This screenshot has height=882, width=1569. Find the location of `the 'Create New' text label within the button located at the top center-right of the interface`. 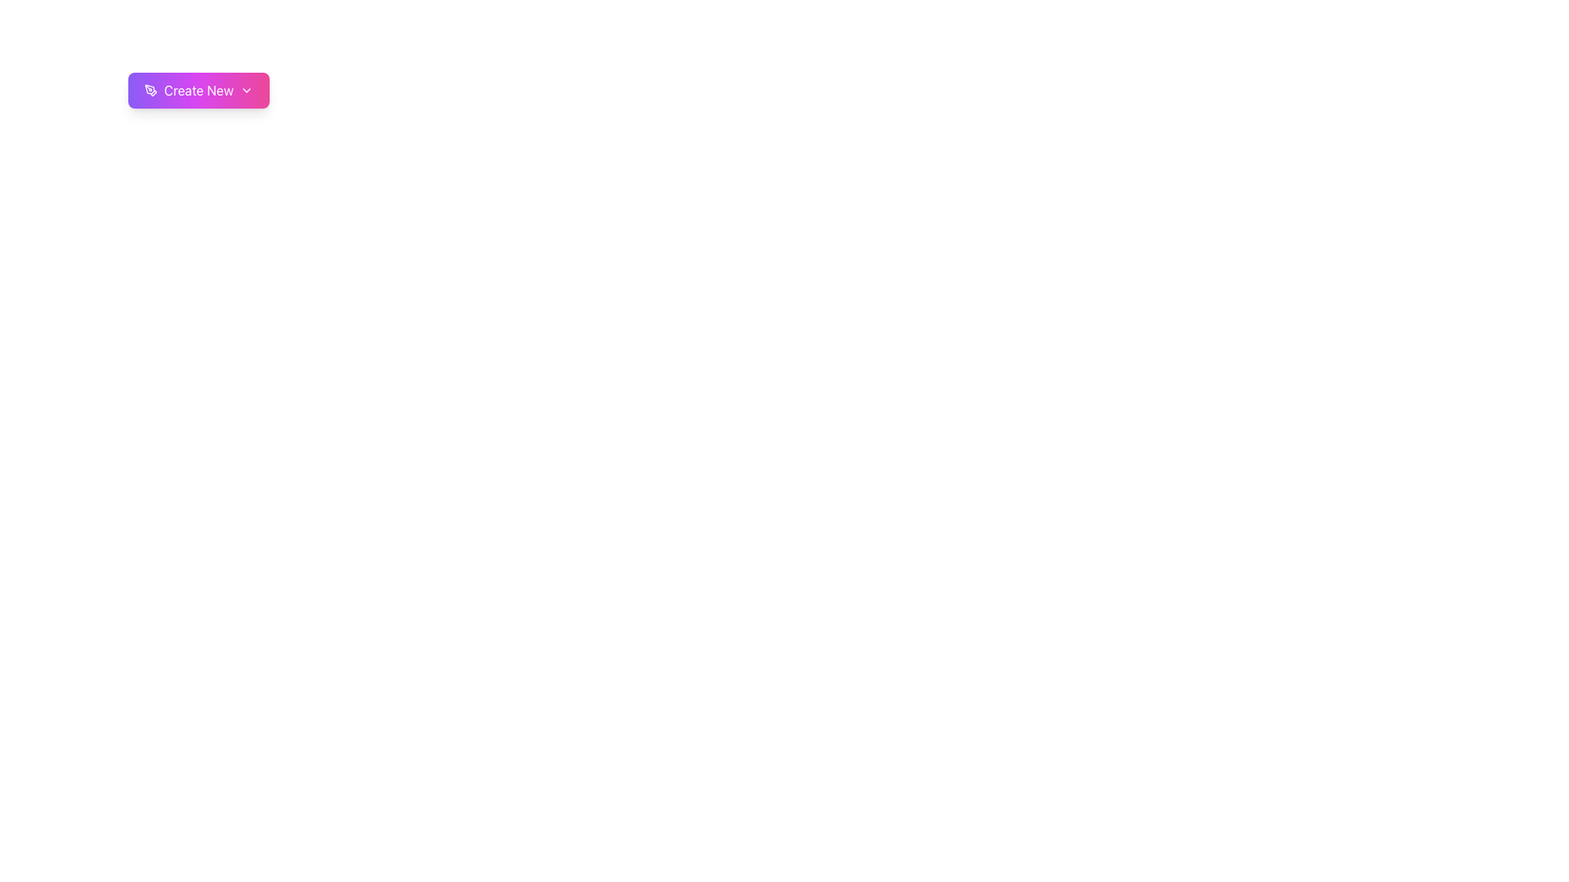

the 'Create New' text label within the button located at the top center-right of the interface is located at coordinates (198, 91).